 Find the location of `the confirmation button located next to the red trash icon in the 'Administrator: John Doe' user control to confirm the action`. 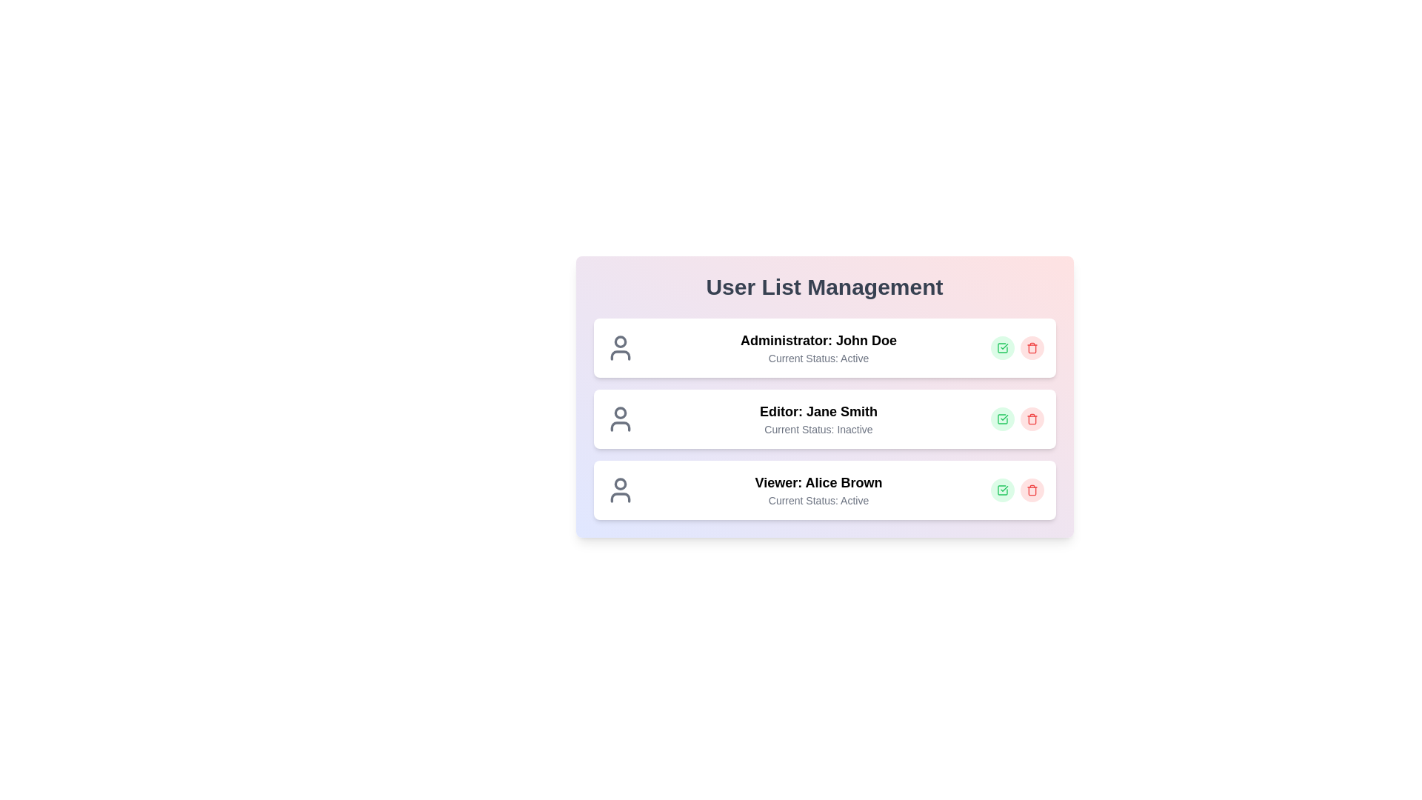

the confirmation button located next to the red trash icon in the 'Administrator: John Doe' user control to confirm the action is located at coordinates (1002, 348).